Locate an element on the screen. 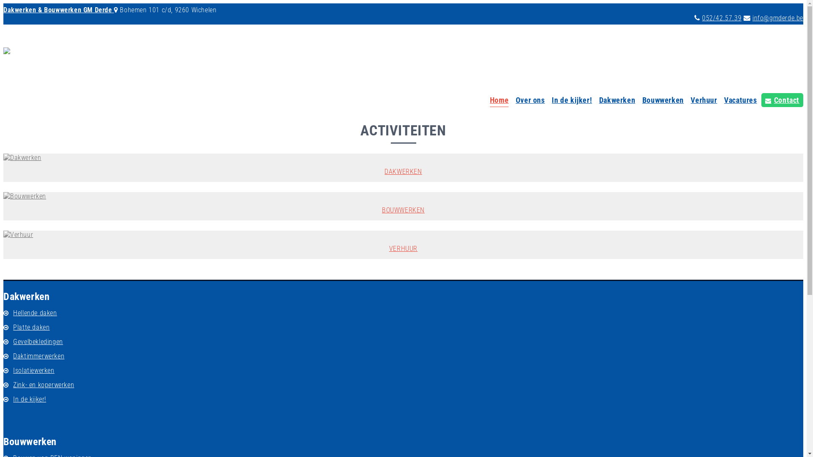 The height and width of the screenshot is (457, 813). 'Over ons' is located at coordinates (530, 101).